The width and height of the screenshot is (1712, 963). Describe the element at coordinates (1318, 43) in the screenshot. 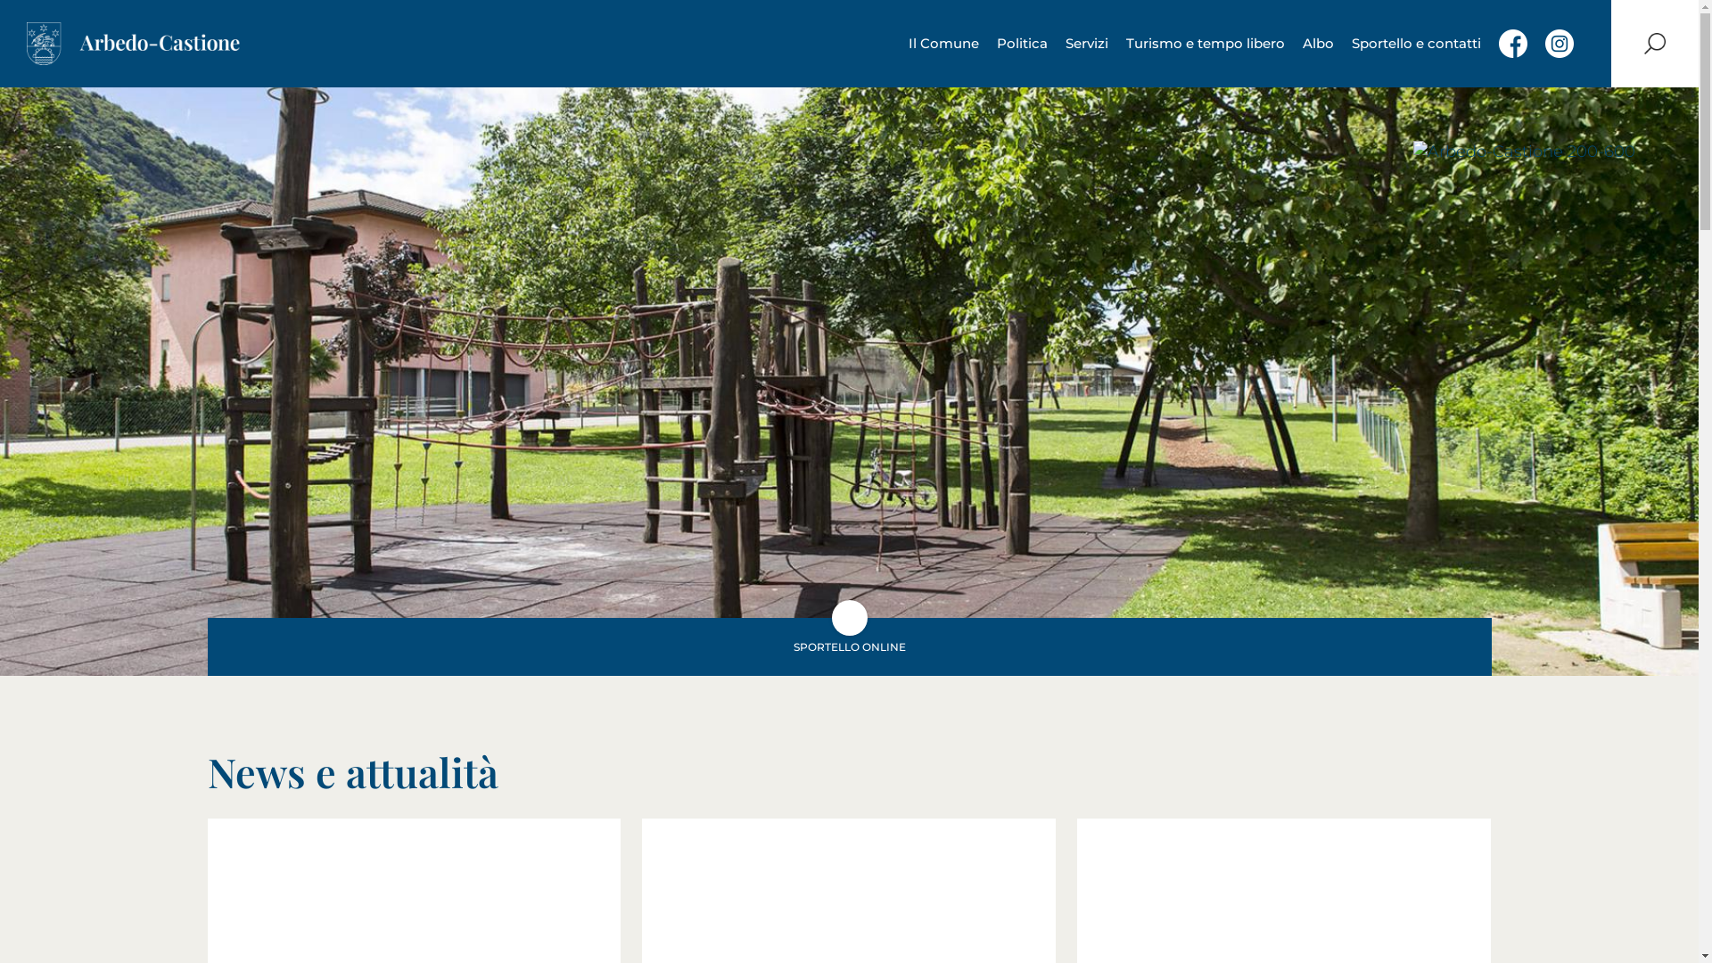

I see `'Albo'` at that location.